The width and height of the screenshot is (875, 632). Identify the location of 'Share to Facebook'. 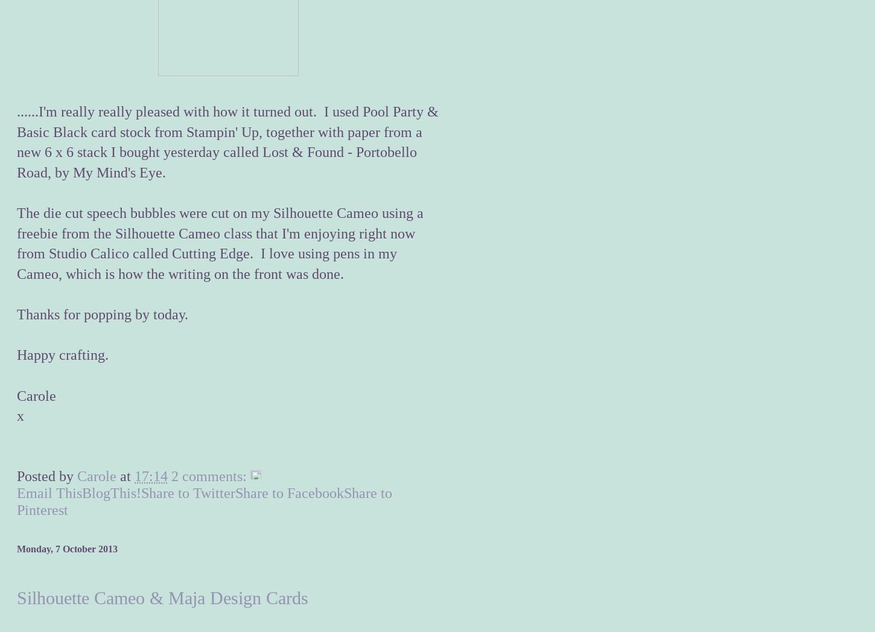
(288, 493).